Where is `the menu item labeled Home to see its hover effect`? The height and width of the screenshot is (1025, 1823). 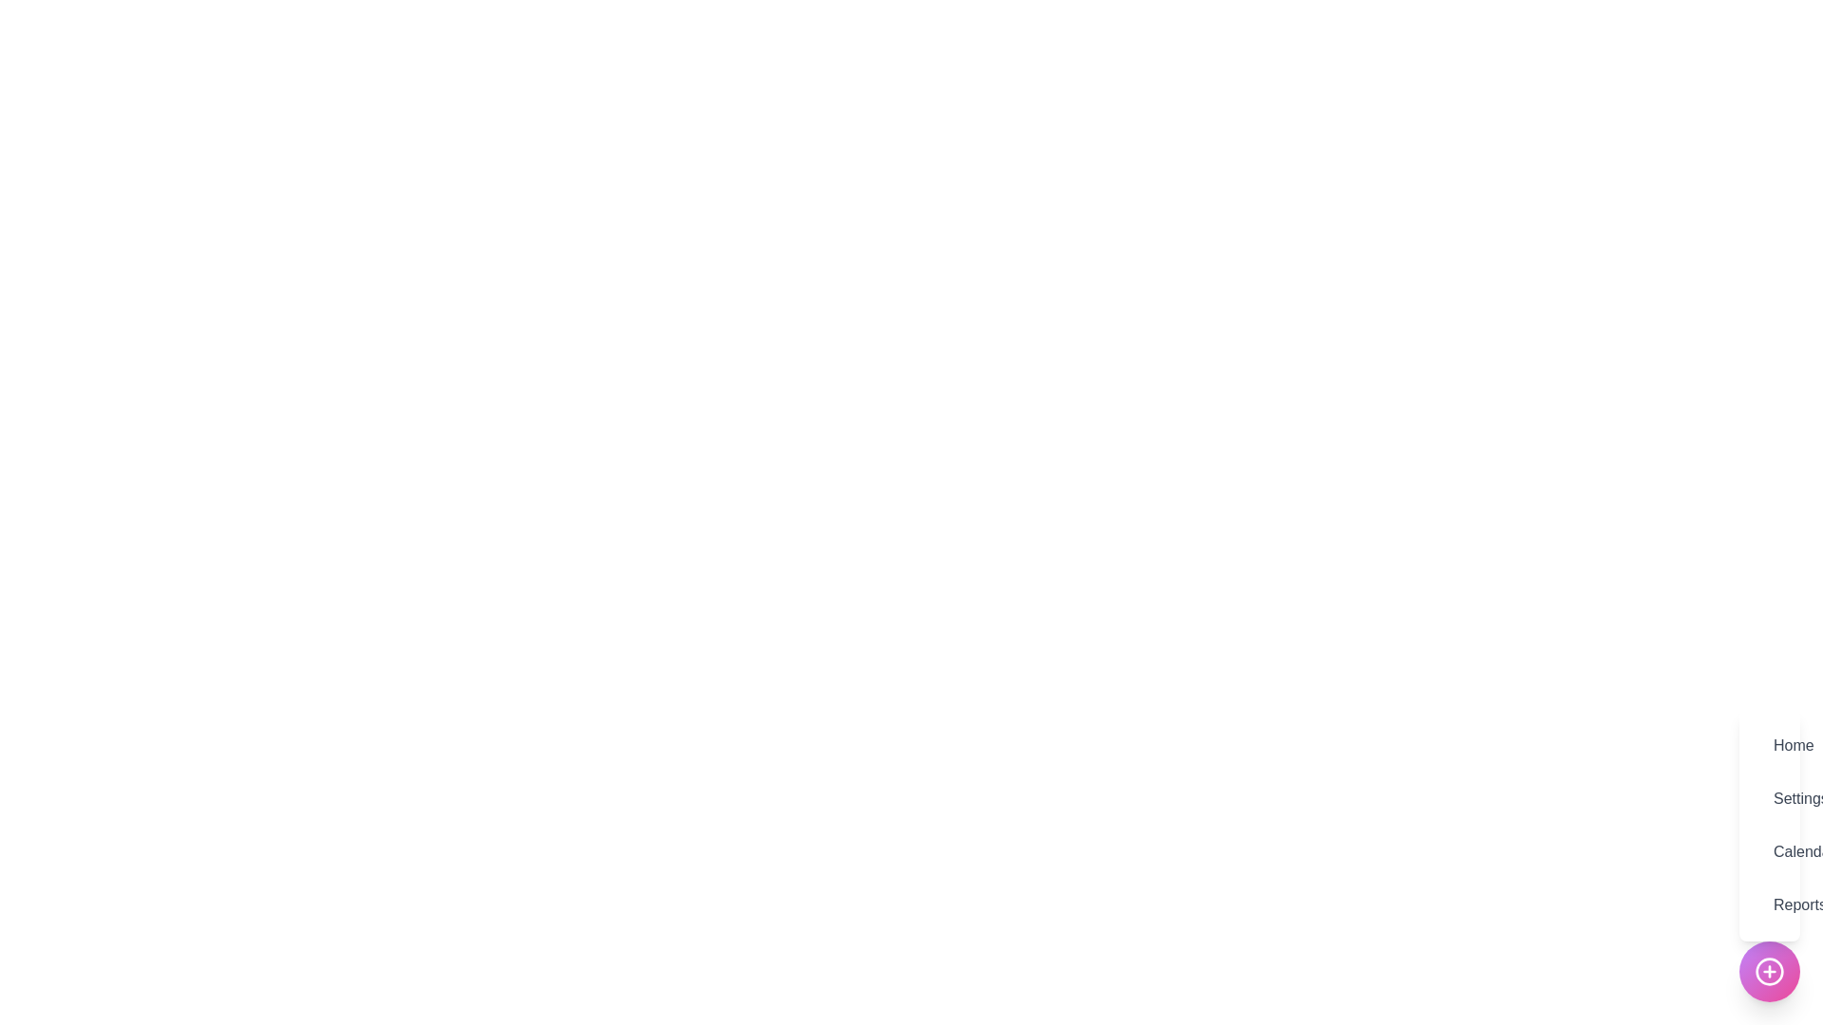 the menu item labeled Home to see its hover effect is located at coordinates (1768, 745).